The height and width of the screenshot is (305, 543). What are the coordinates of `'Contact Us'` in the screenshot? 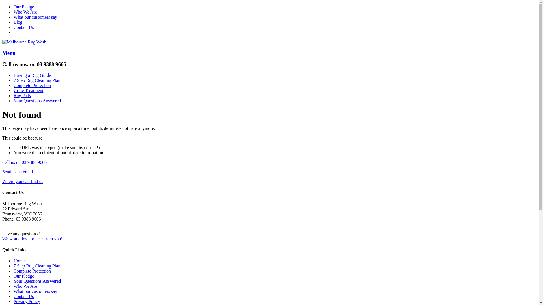 It's located at (23, 27).